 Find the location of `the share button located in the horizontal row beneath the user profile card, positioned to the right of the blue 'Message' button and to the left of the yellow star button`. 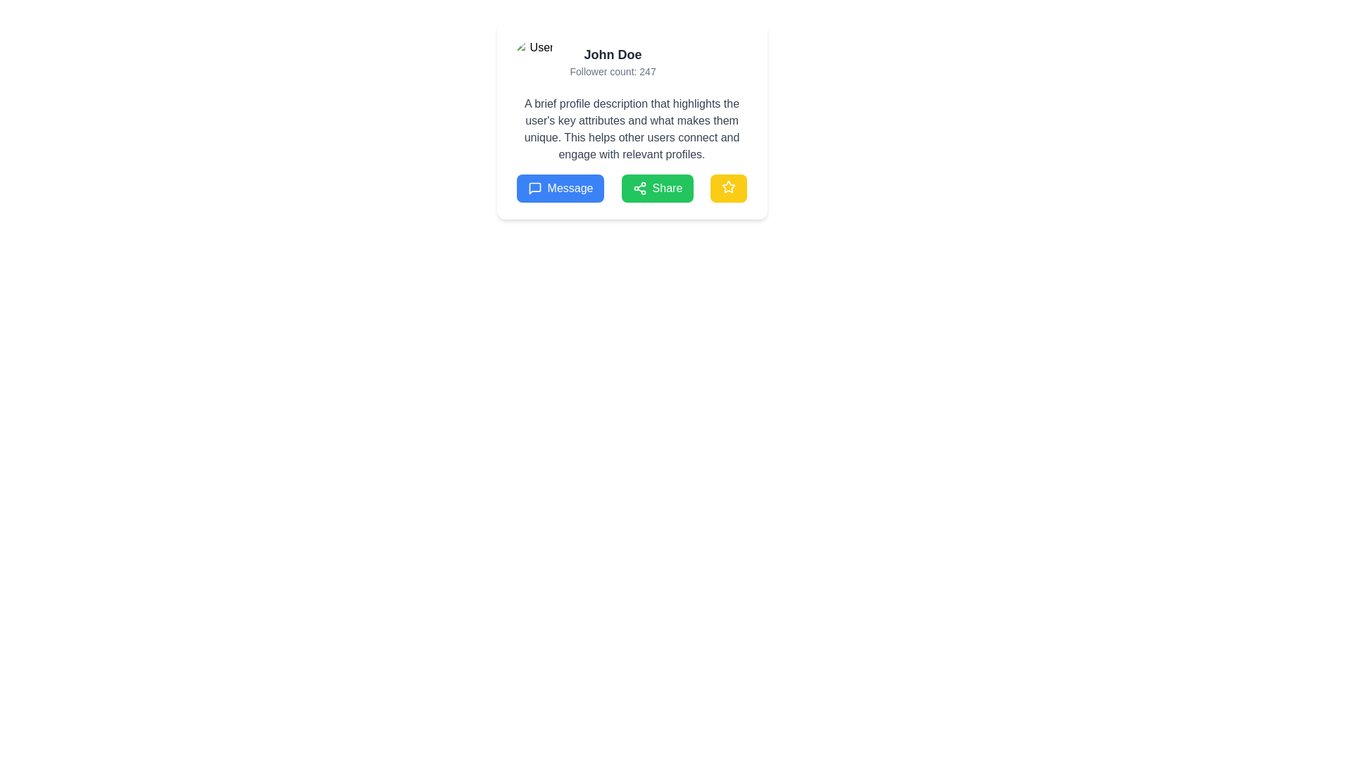

the share button located in the horizontal row beneath the user profile card, positioned to the right of the blue 'Message' button and to the left of the yellow star button is located at coordinates (656, 187).